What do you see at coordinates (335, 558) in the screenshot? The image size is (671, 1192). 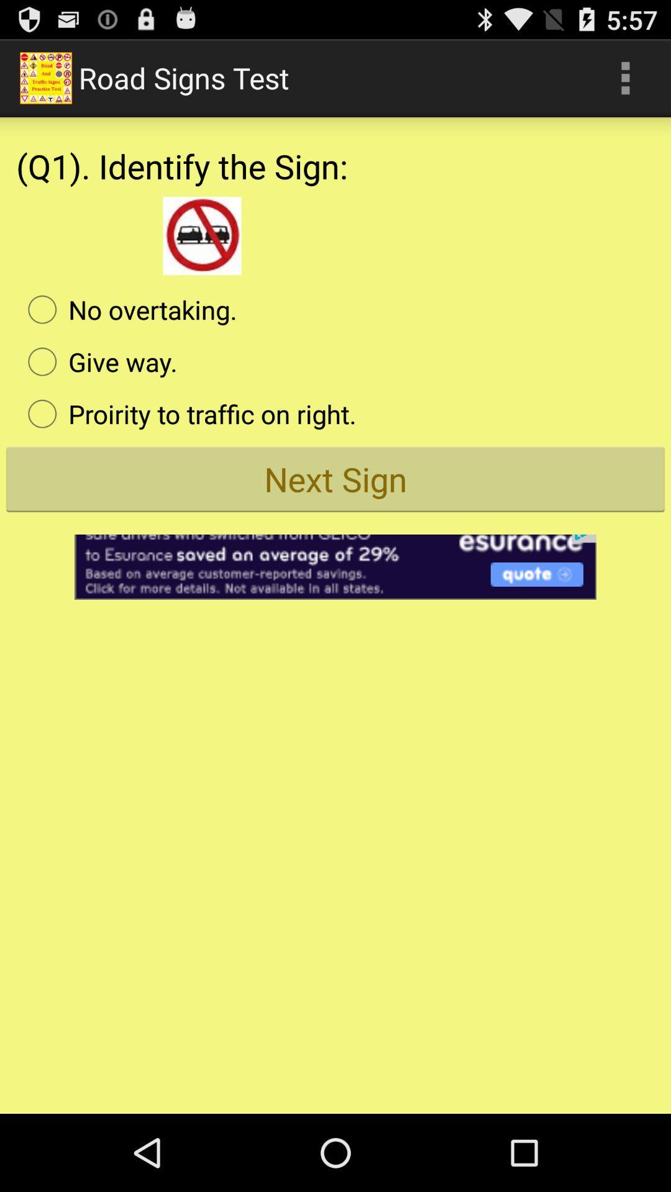 I see `click the advertisement` at bounding box center [335, 558].